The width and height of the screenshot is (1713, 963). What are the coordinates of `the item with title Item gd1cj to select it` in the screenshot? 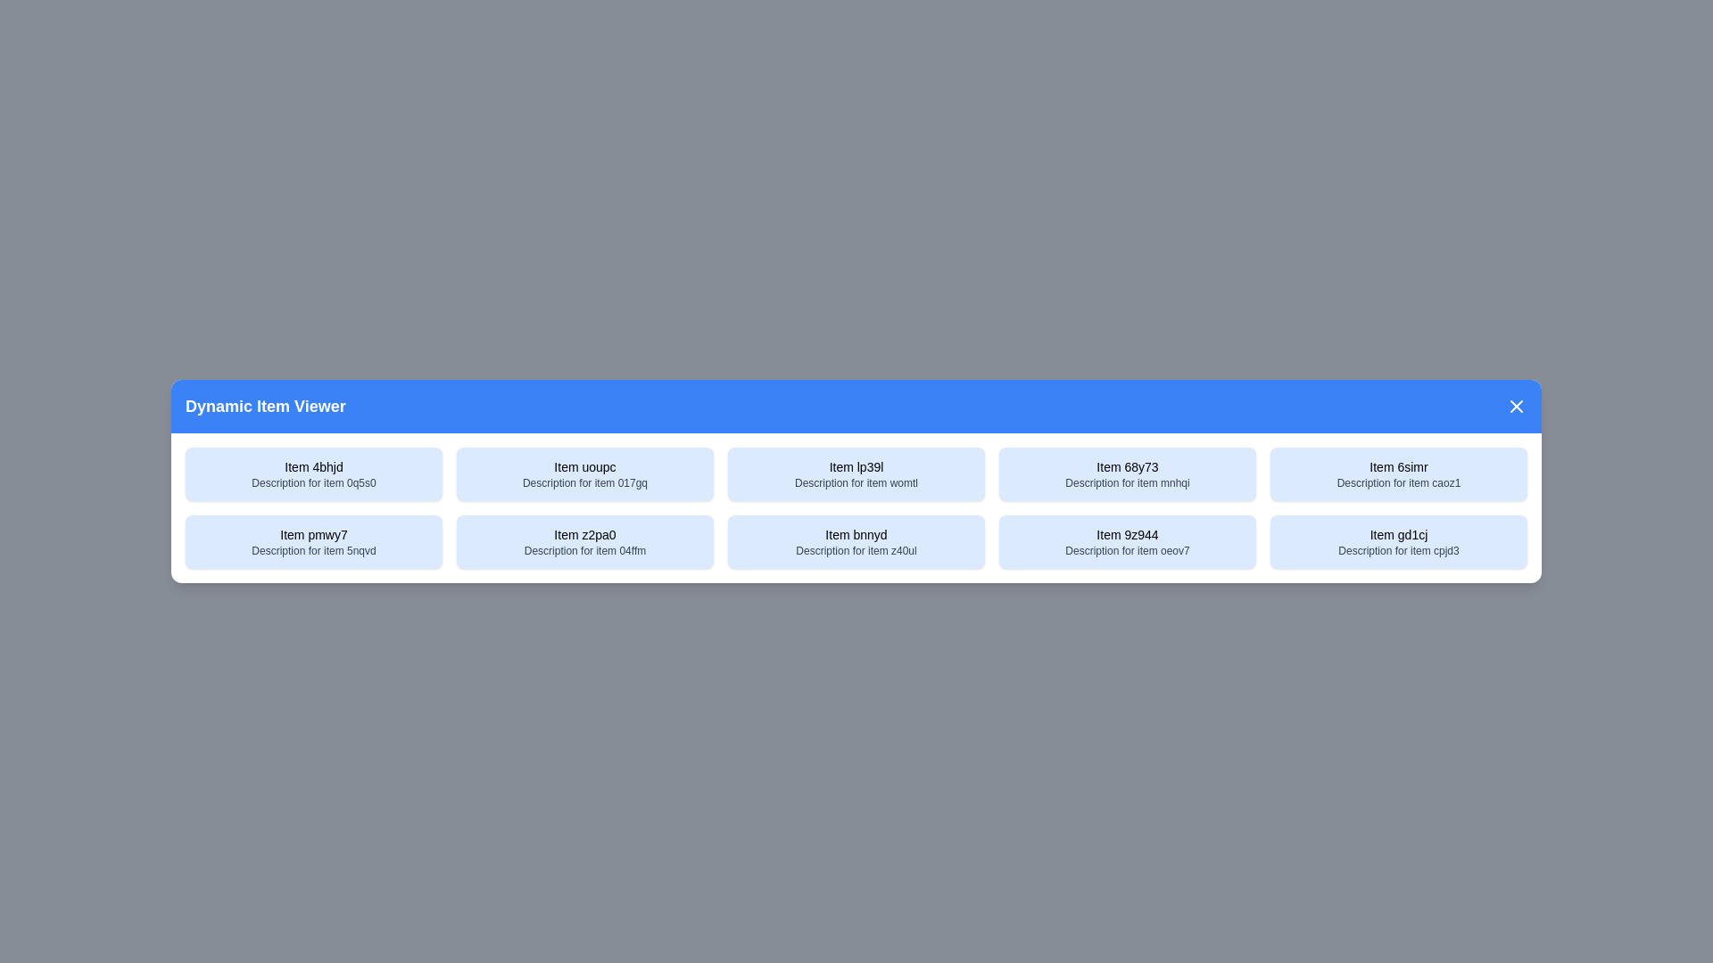 It's located at (1398, 541).